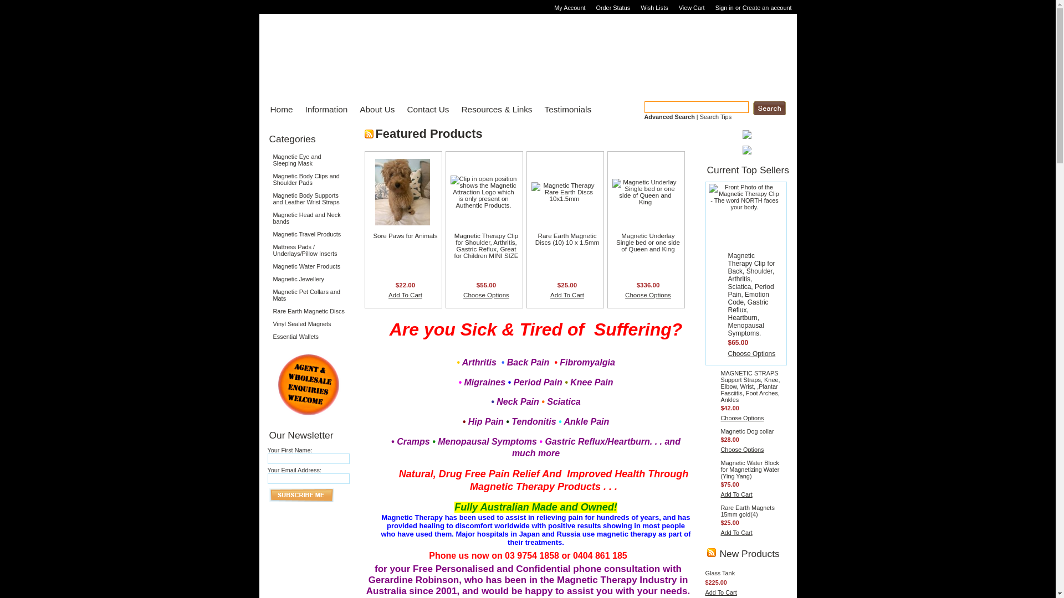  Describe the element at coordinates (720, 532) in the screenshot. I see `'Add To Cart'` at that location.